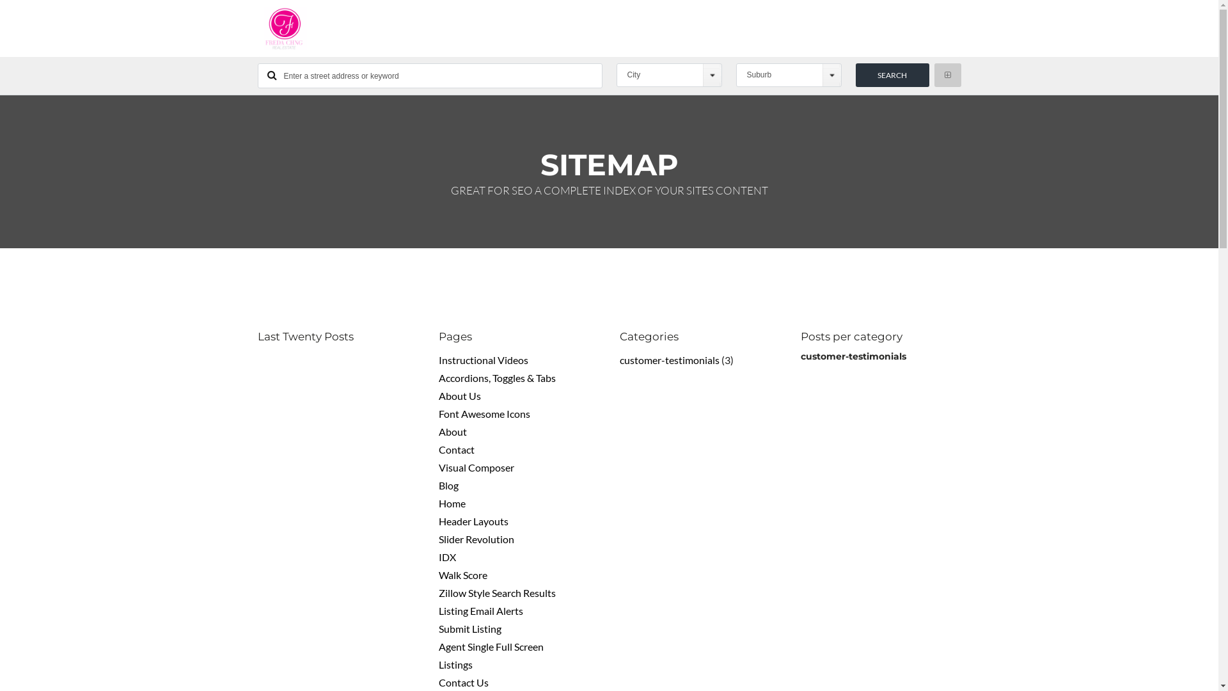 This screenshot has width=1228, height=691. Describe the element at coordinates (496, 592) in the screenshot. I see `'Zillow Style Search Results'` at that location.